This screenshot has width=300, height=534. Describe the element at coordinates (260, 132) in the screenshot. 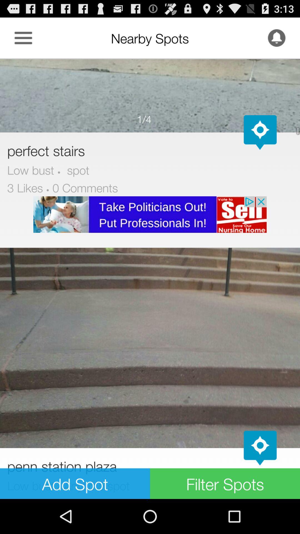

I see `to see location` at that location.